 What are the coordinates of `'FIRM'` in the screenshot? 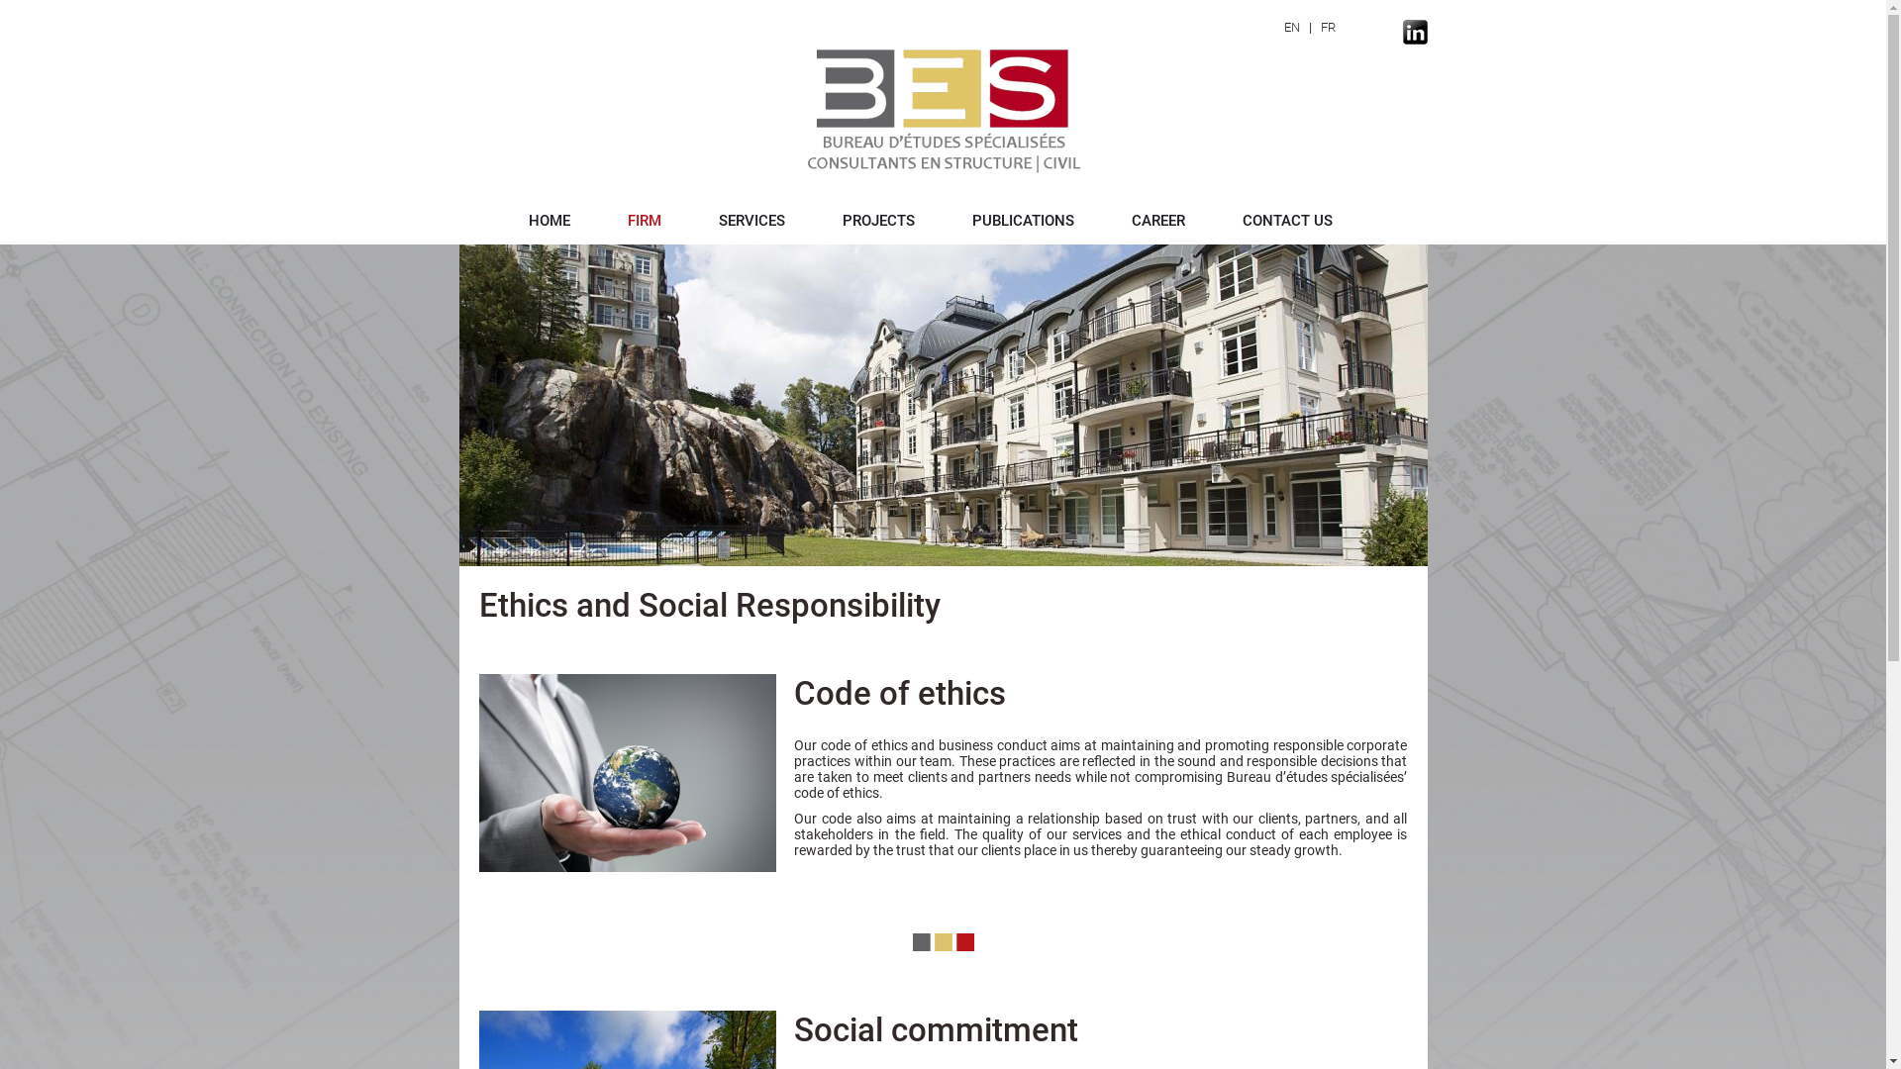 It's located at (626, 221).